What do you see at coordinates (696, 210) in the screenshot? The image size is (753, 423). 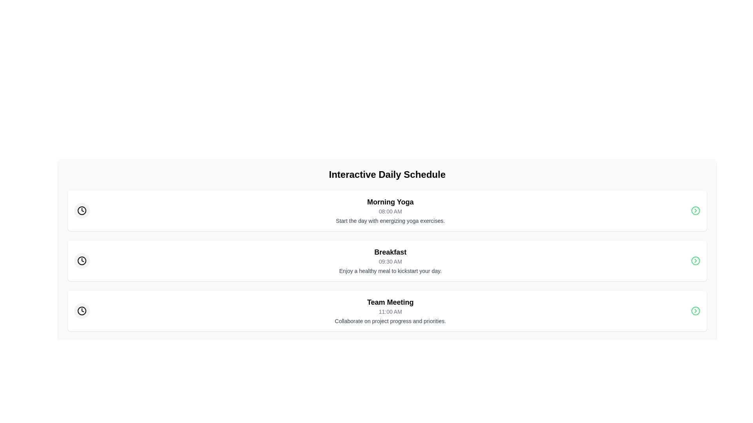 I see `the SVG circle graphic with a green outline located on the right side of the 'Breakfast' section block, which is part of a styled SVG graphic including a right-pointing arrow` at bounding box center [696, 210].